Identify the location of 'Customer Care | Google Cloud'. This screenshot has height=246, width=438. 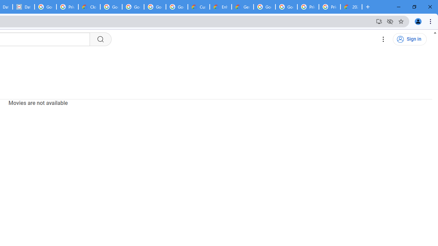
(198, 7).